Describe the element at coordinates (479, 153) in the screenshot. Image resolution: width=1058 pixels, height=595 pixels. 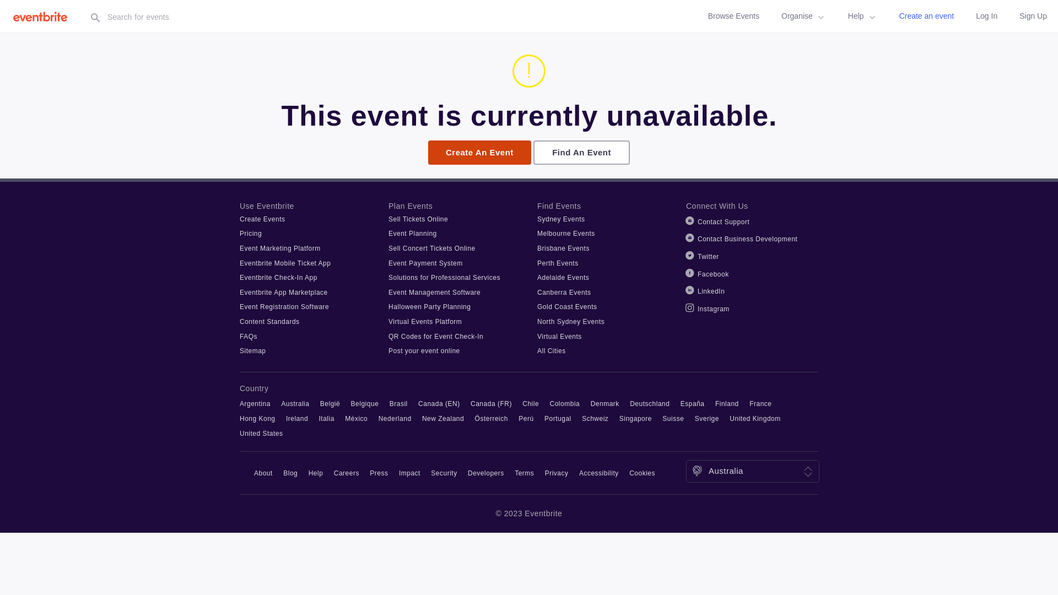
I see `'Create An Event'` at that location.